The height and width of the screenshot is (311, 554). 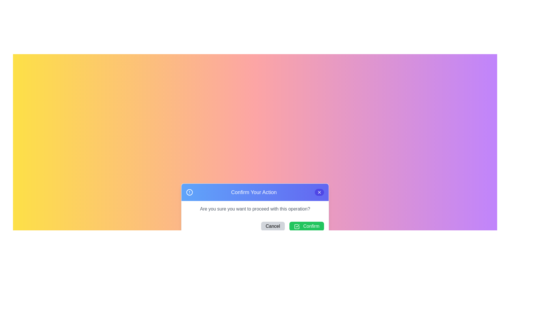 I want to click on the affirmative action SVG graphic icon, so click(x=297, y=226).